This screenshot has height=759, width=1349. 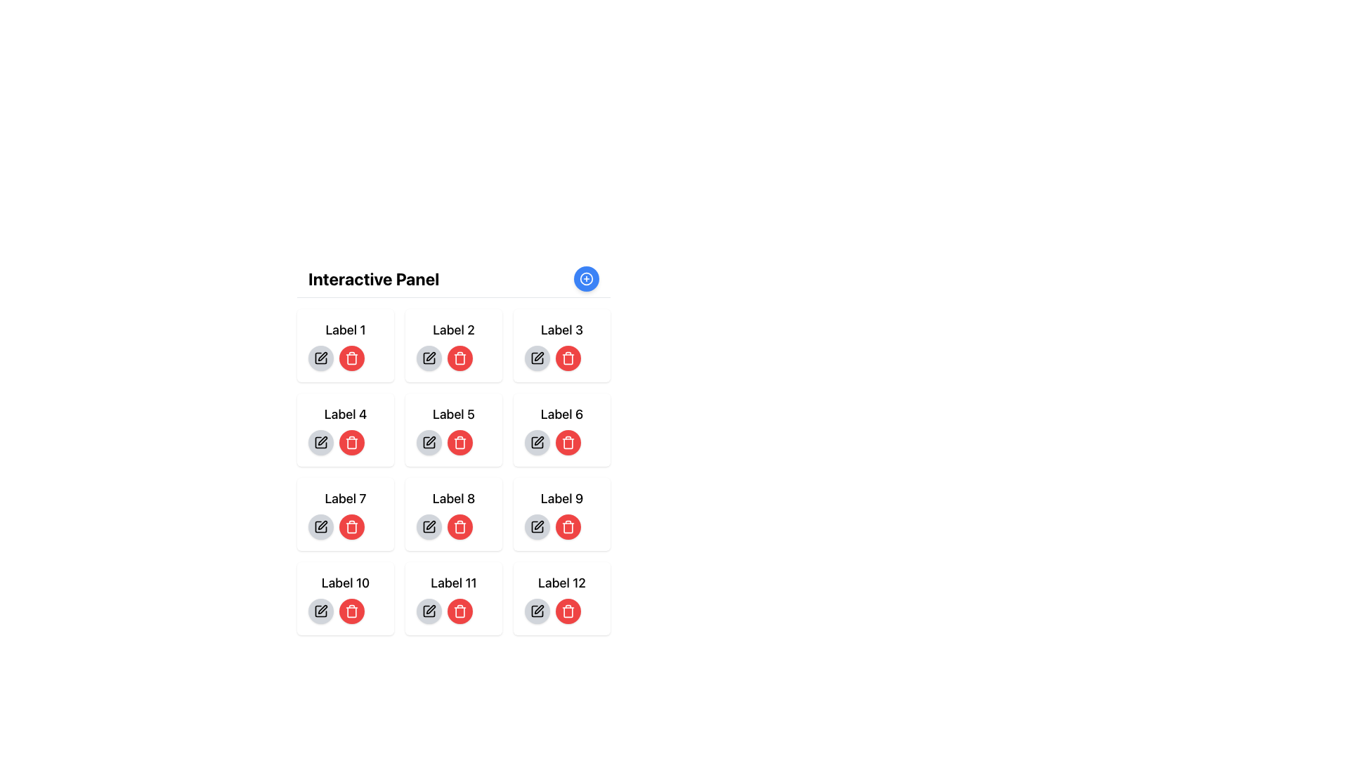 What do you see at coordinates (460, 611) in the screenshot?
I see `the delete button associated with 'Label 11'` at bounding box center [460, 611].